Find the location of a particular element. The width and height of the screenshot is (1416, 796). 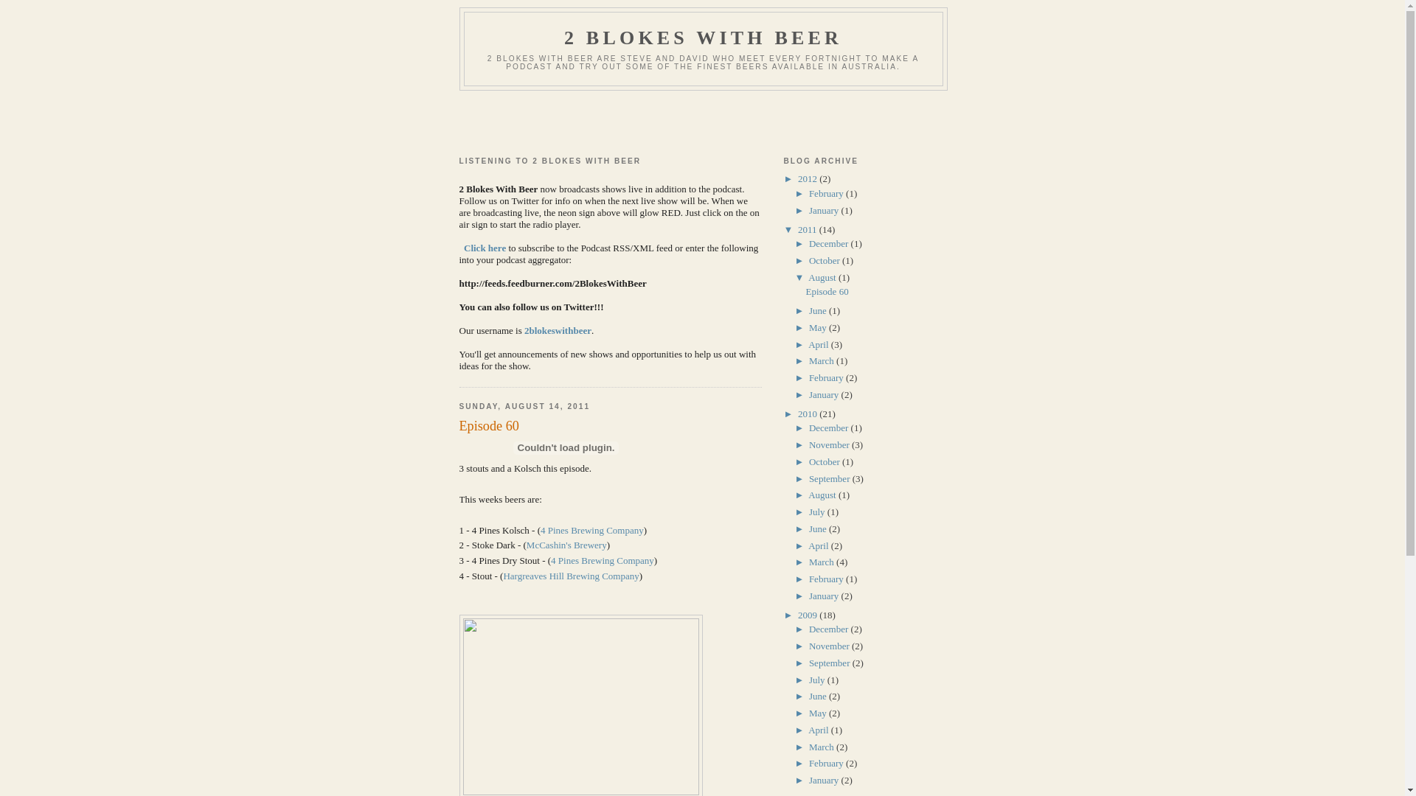

'Click here' is located at coordinates (484, 247).